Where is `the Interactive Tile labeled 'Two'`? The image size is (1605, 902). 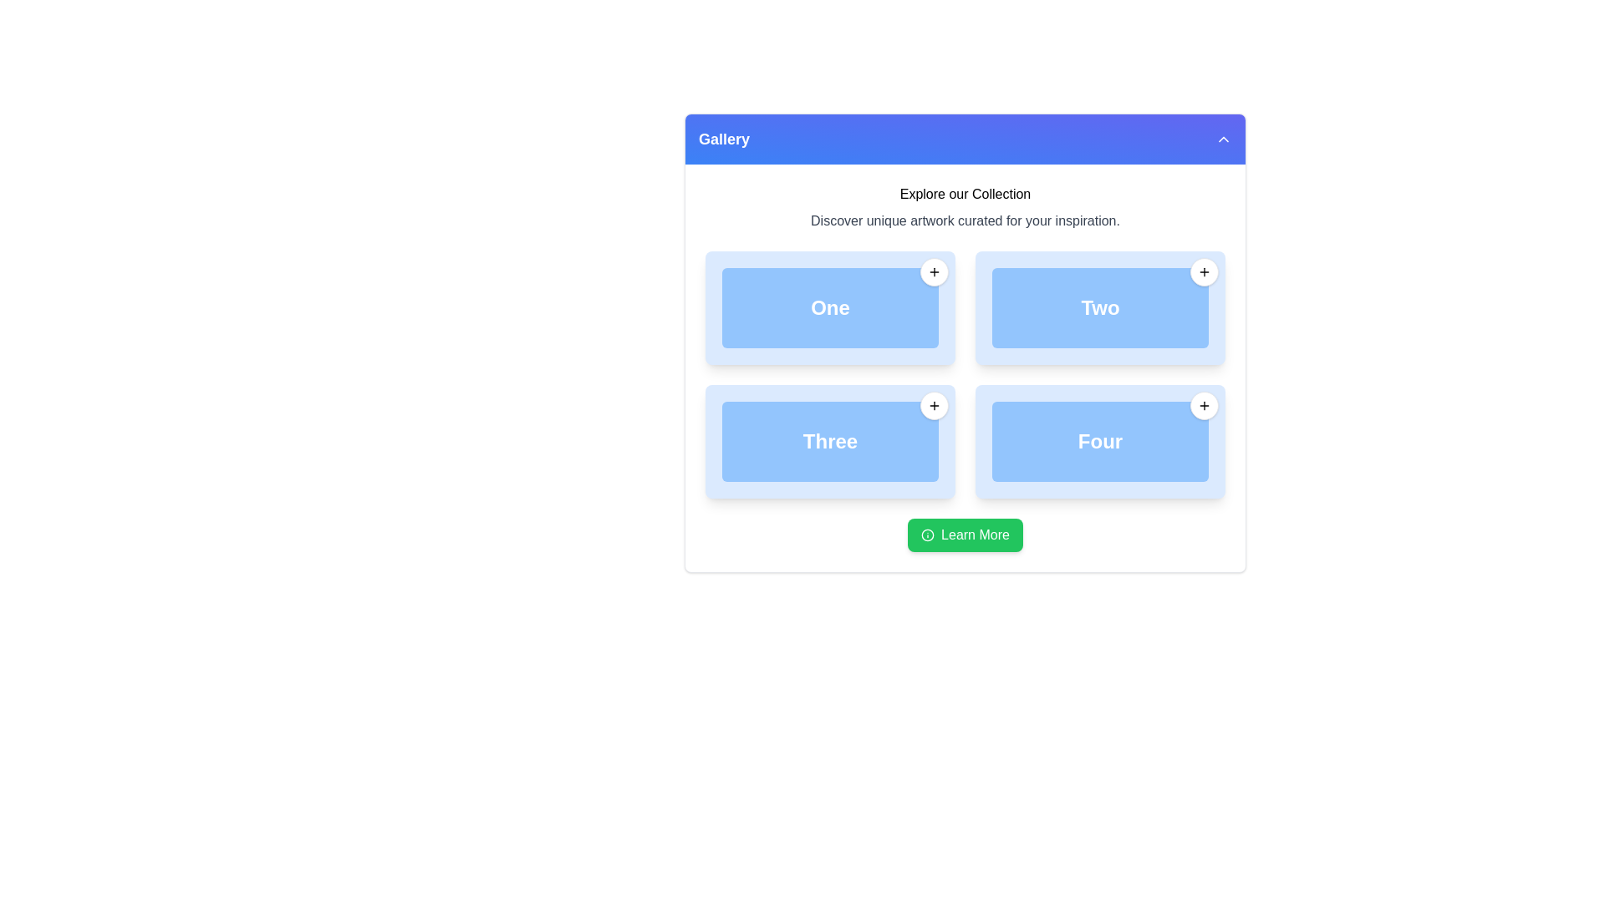 the Interactive Tile labeled 'Two' is located at coordinates (1100, 308).